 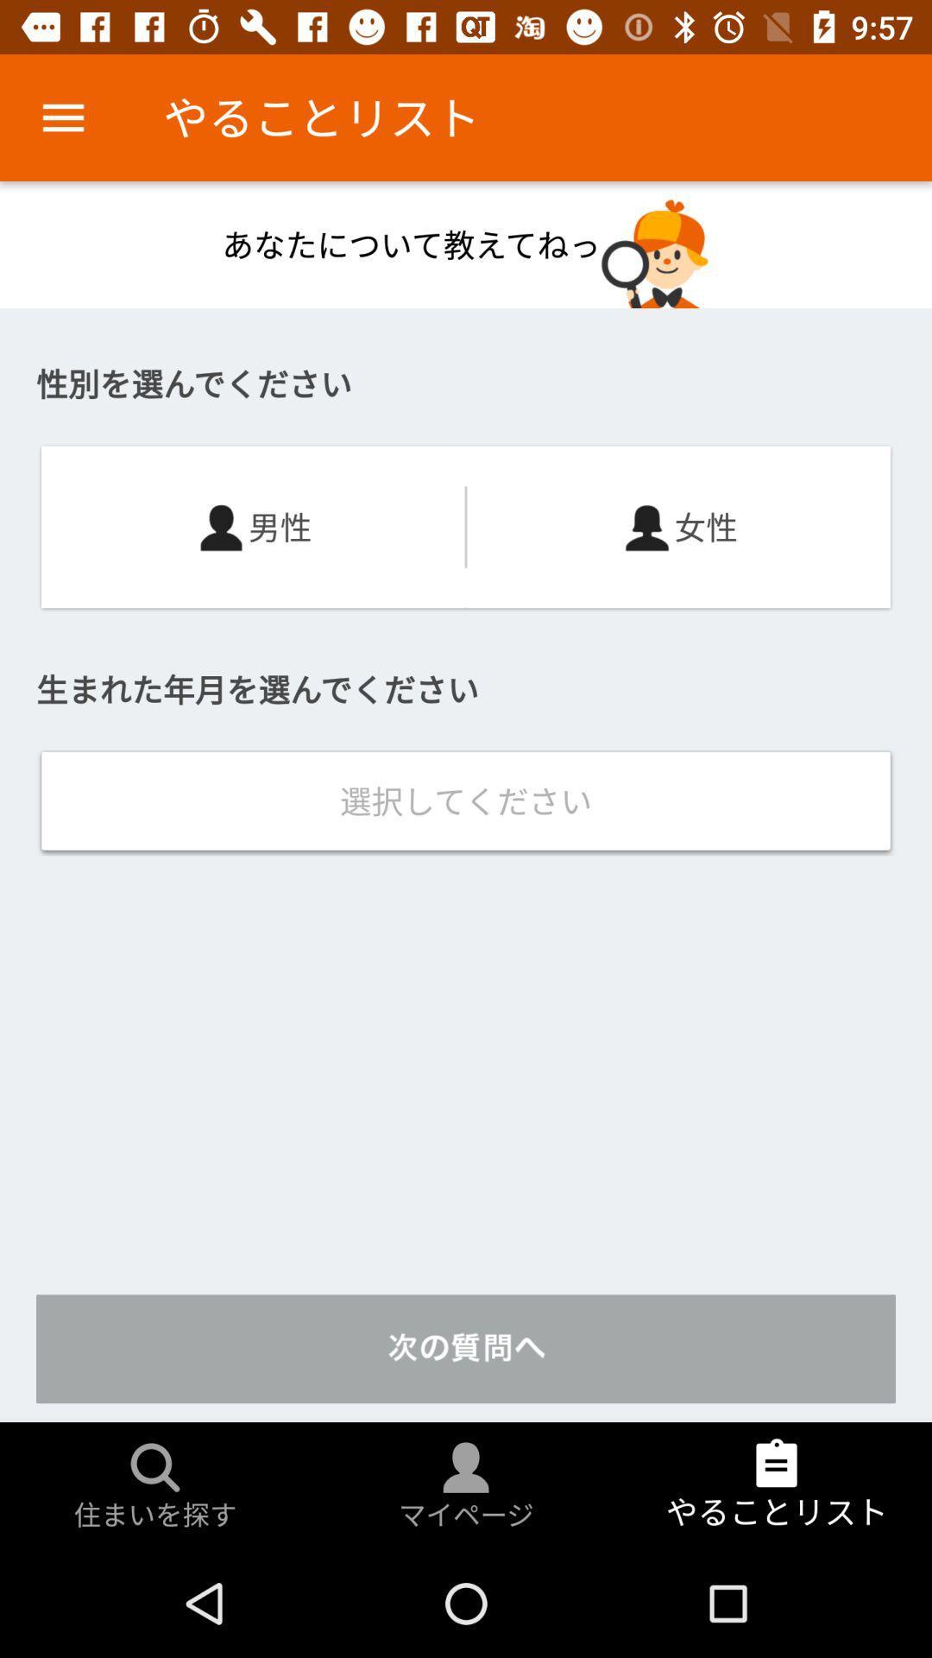 I want to click on the female profile icon, so click(x=647, y=526).